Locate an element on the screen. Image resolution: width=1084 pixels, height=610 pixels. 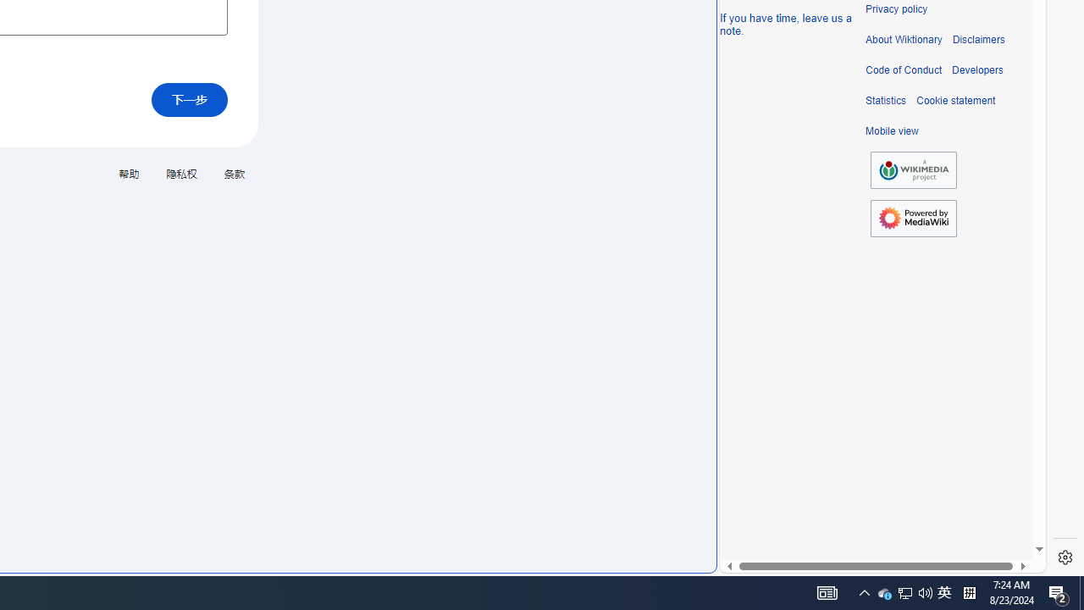
'Developers' is located at coordinates (977, 69).